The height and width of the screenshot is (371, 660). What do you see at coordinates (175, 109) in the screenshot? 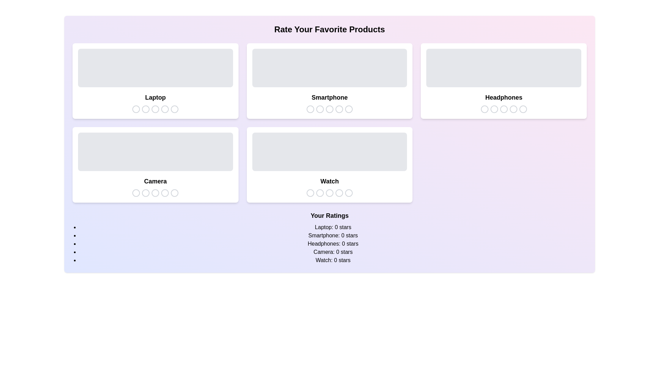
I see `the star icon corresponding to 5 stars for the product Laptop` at bounding box center [175, 109].